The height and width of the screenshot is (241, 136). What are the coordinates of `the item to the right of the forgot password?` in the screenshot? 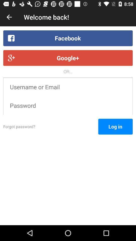 It's located at (115, 126).